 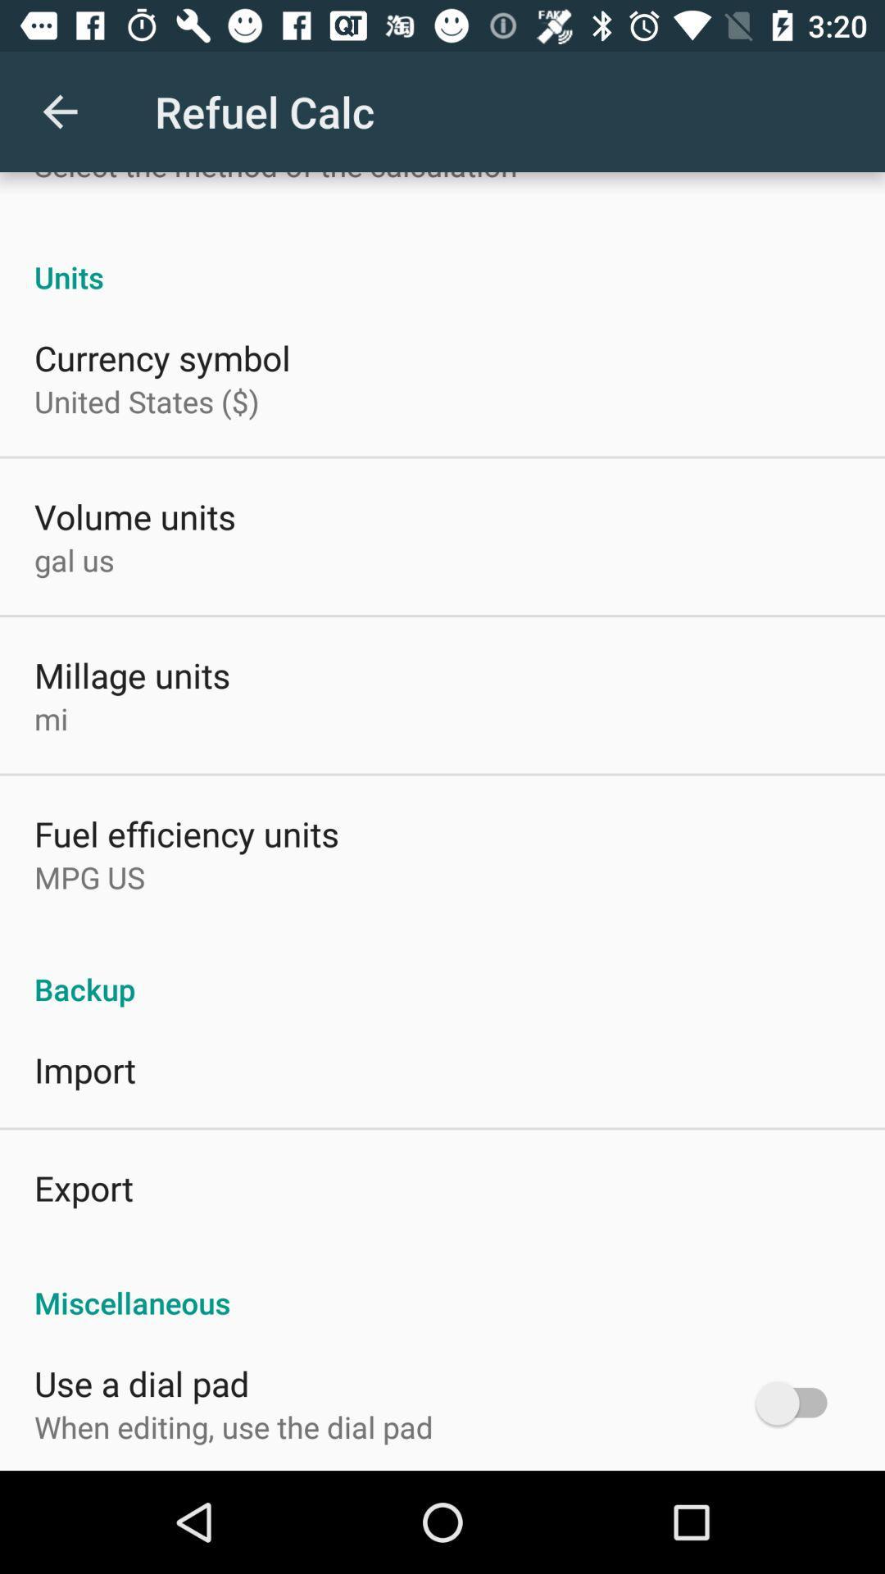 What do you see at coordinates (798, 1402) in the screenshot?
I see `item below miscellaneous icon` at bounding box center [798, 1402].